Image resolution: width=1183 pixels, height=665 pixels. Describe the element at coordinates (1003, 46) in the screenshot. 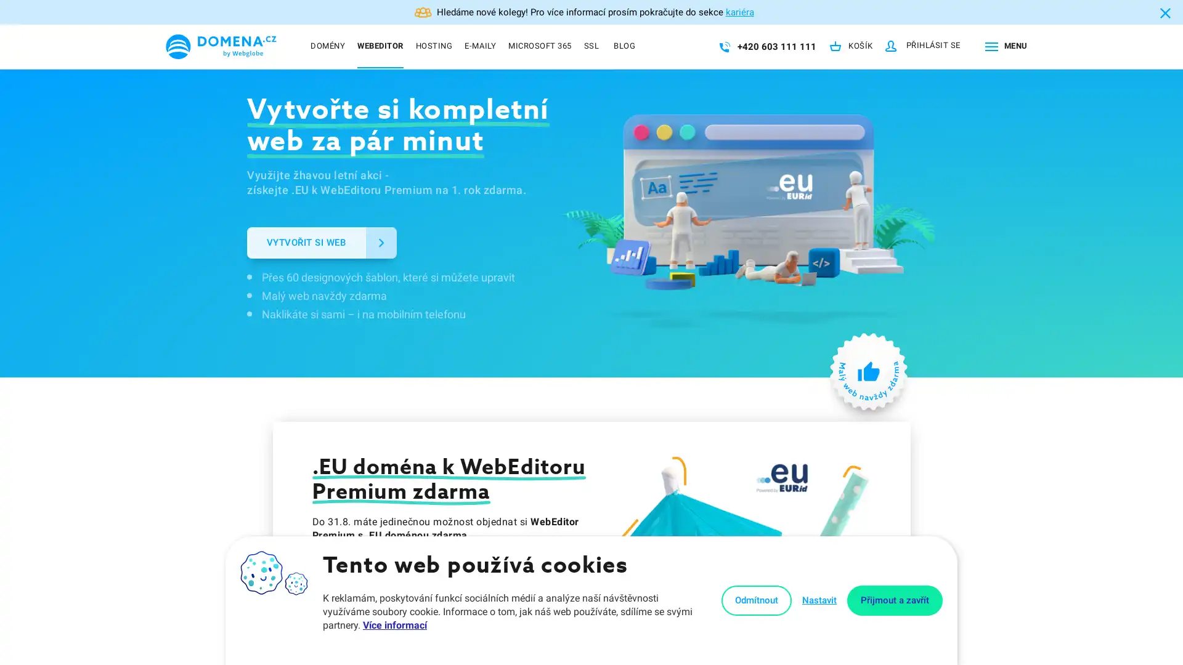

I see `menu MENU` at that location.